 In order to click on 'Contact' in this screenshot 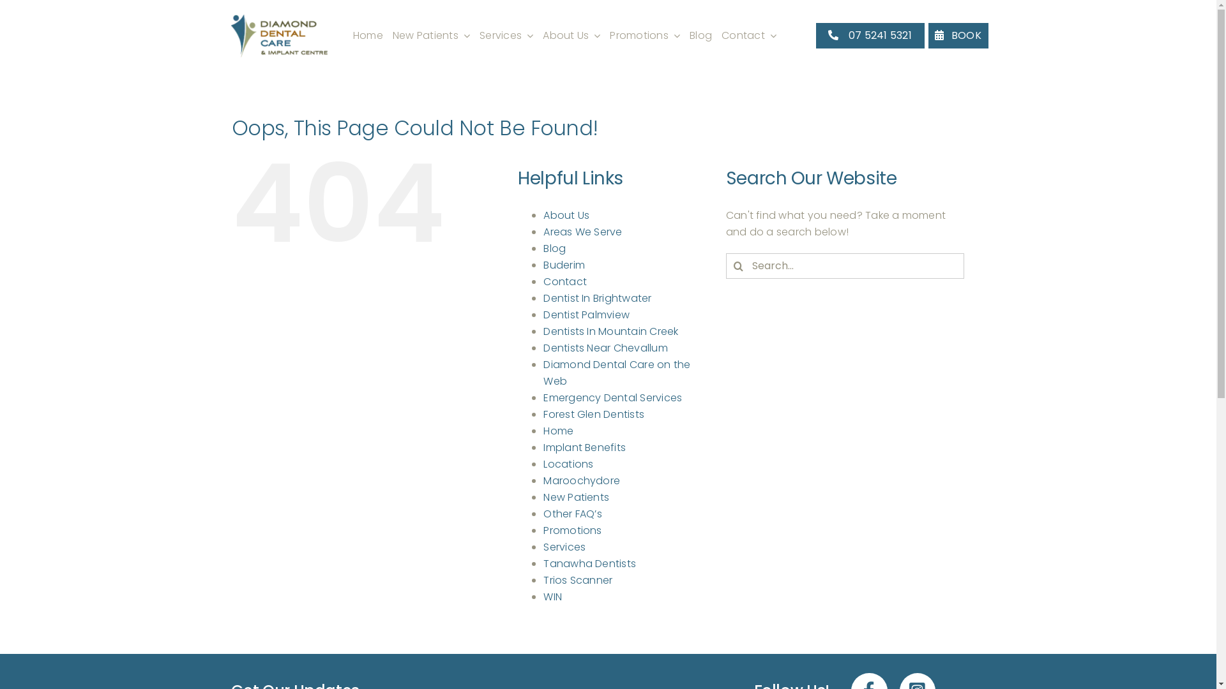, I will do `click(748, 35)`.